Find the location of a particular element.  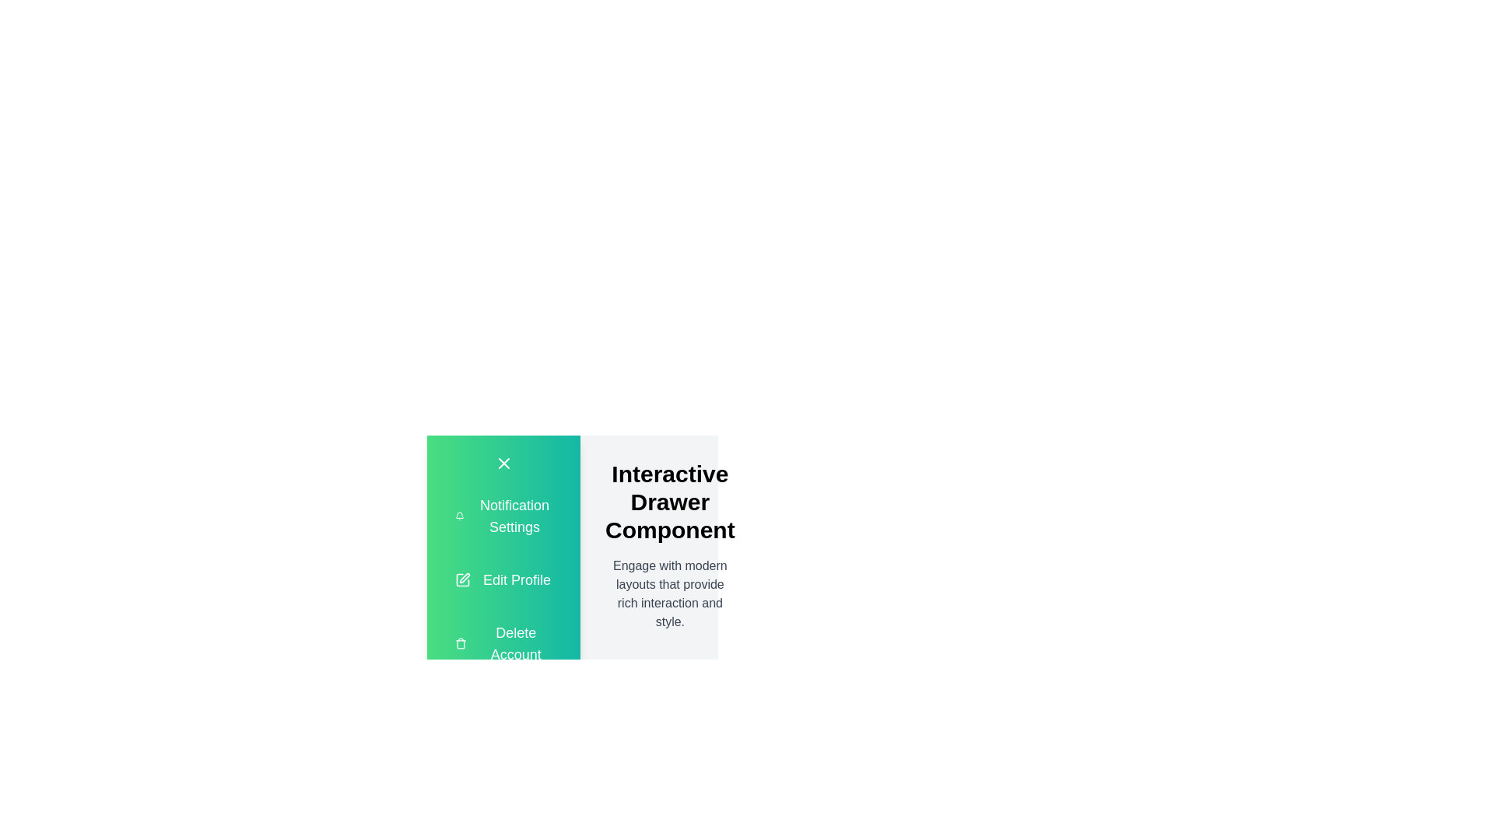

the 'Delete Account' option in the drawer is located at coordinates (503, 644).